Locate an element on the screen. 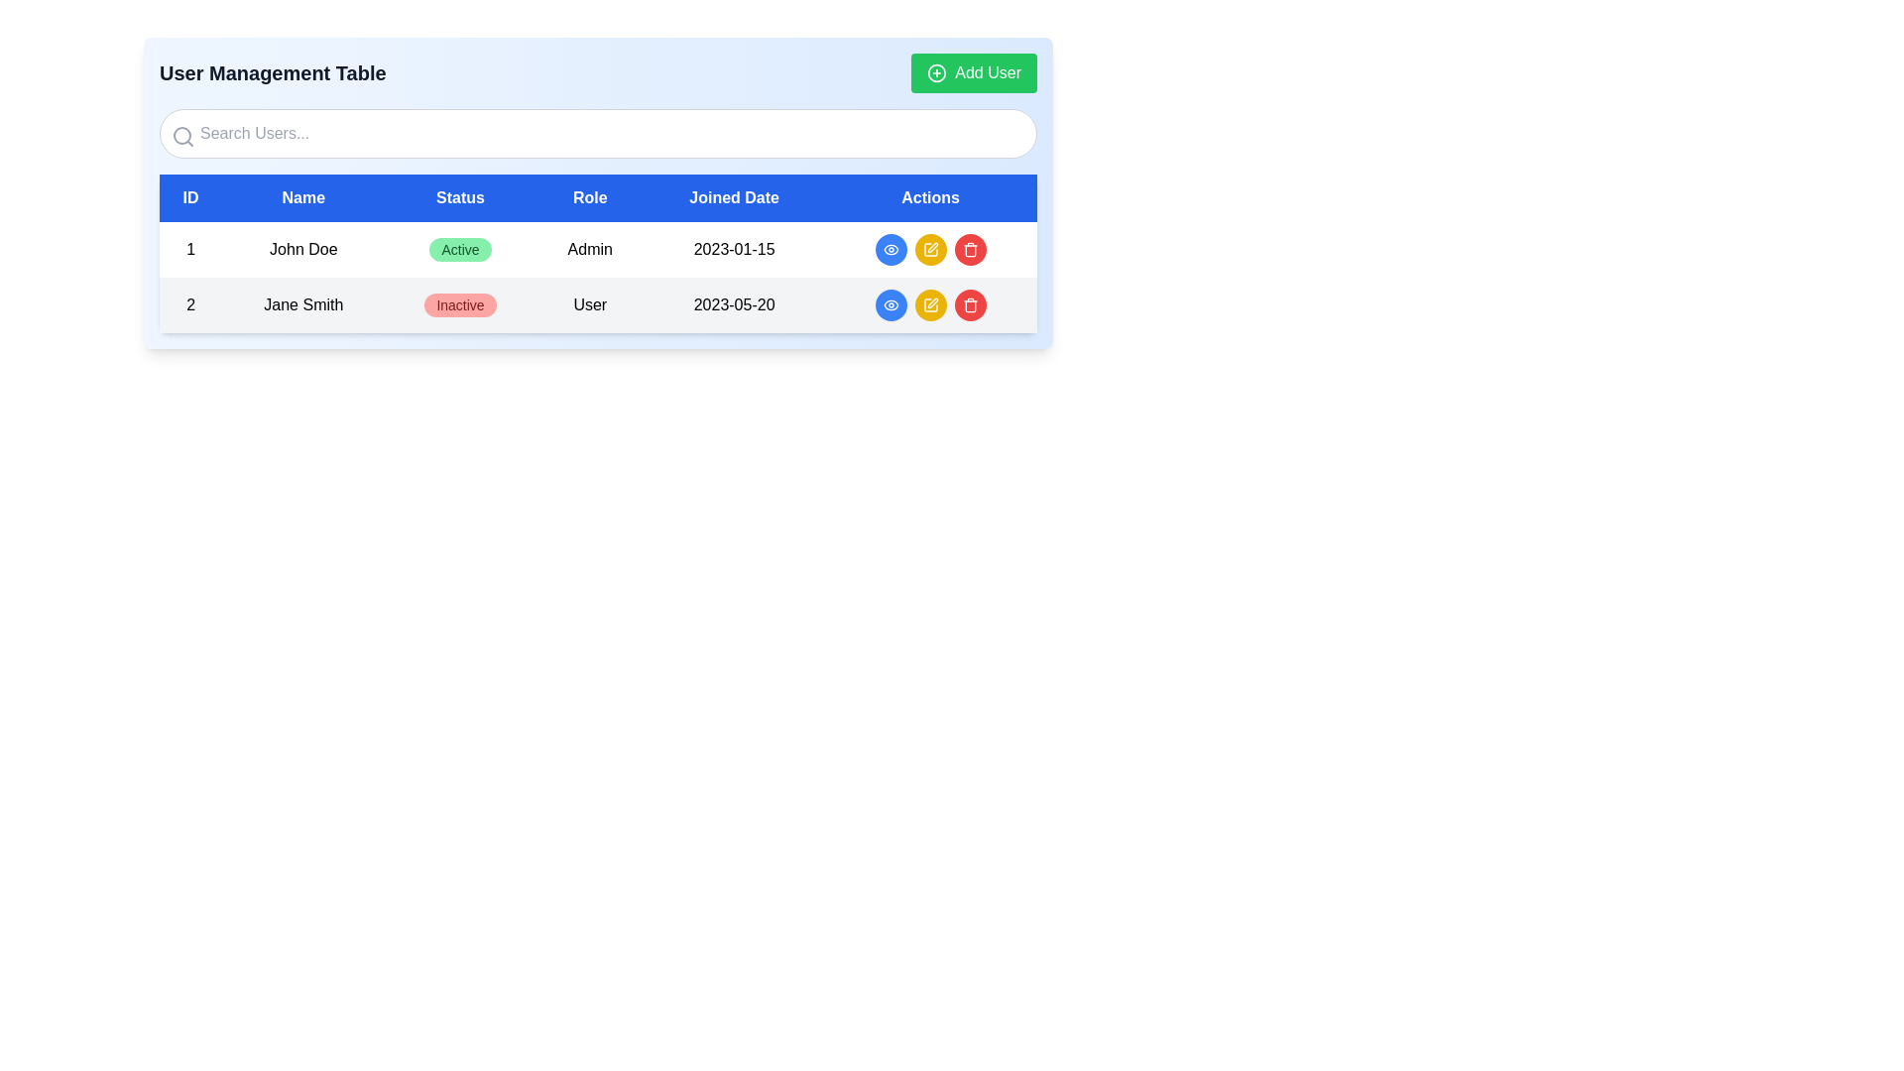 The width and height of the screenshot is (1904, 1071). the 'Add' icon represented by a Vector-based icon of type 'Add' or 'Circle-Plus' located to the left of the 'Add User' text within the green rectangular button at the top-right corner of the interface is located at coordinates (936, 71).